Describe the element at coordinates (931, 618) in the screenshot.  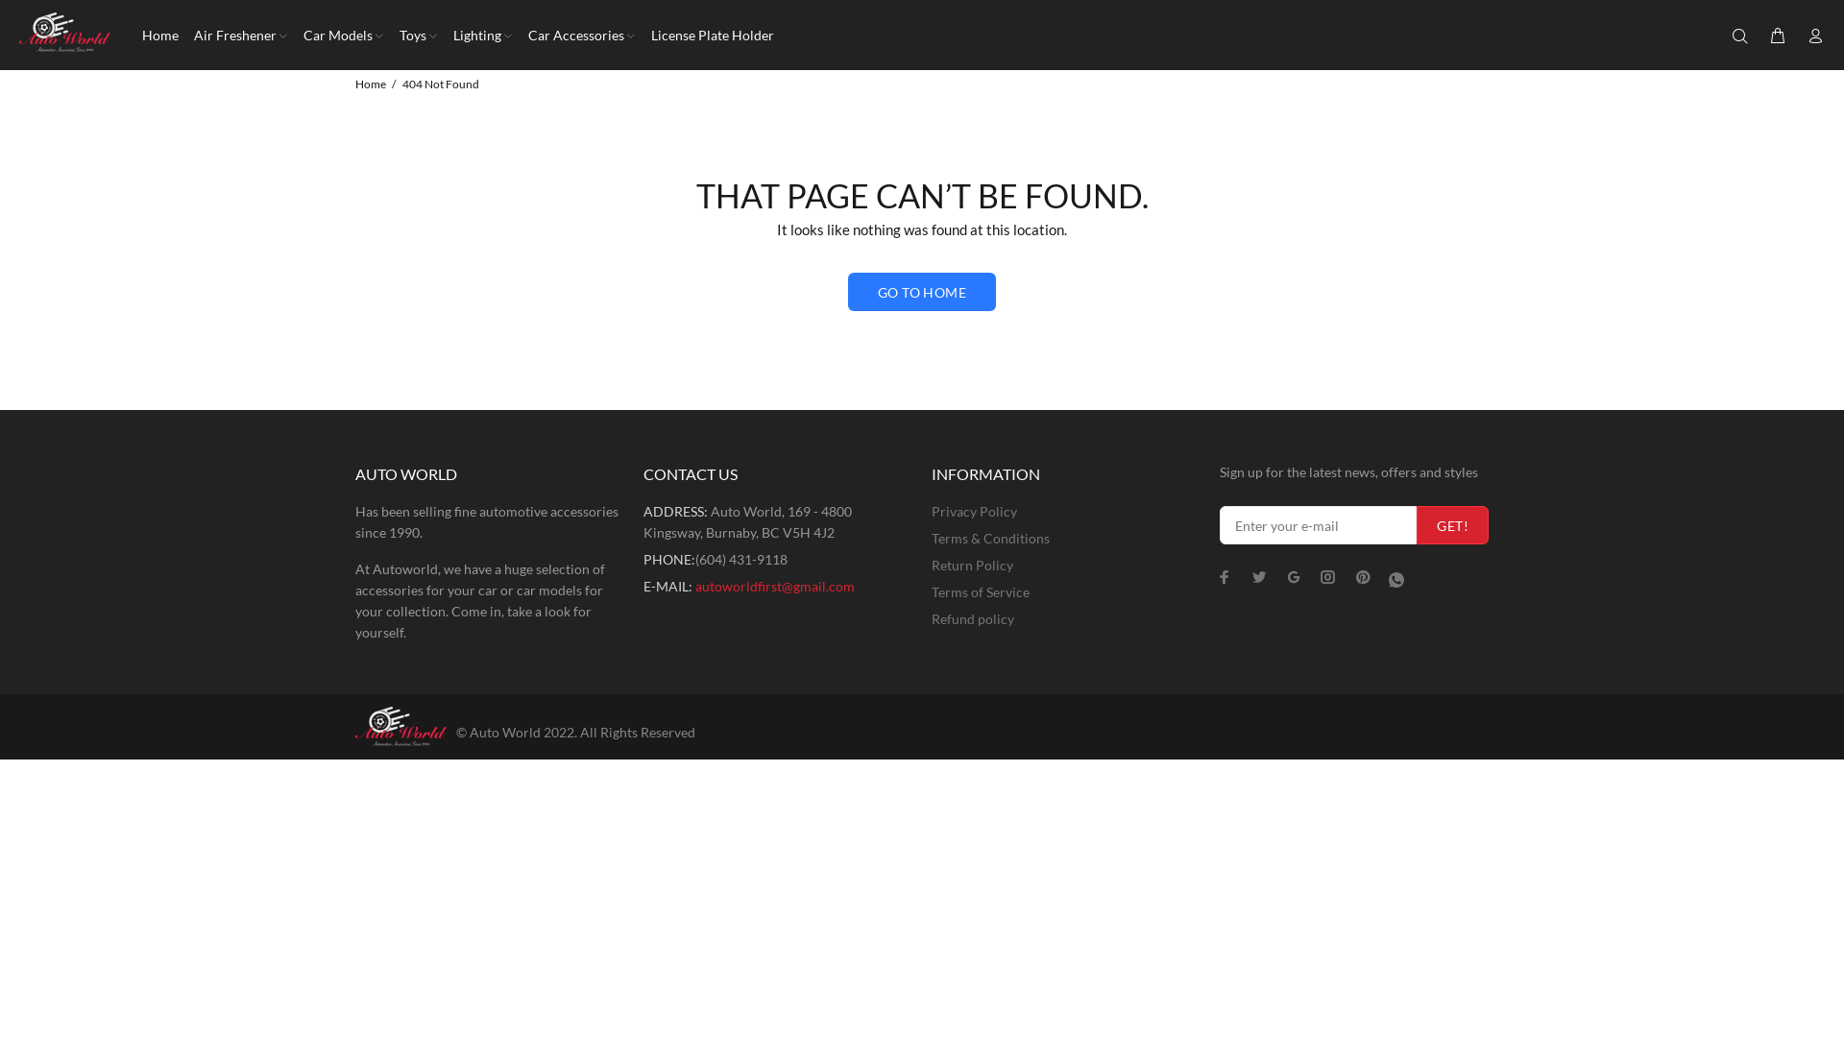
I see `'Refund policy'` at that location.